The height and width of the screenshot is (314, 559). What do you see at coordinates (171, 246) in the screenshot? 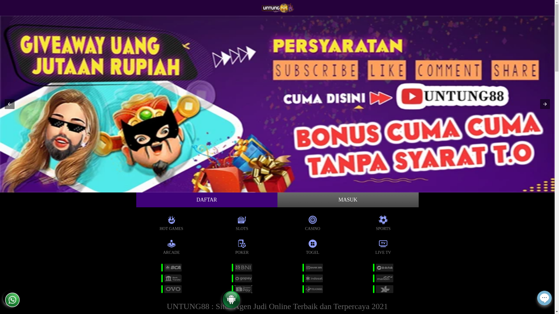
I see `'ARCADE'` at bounding box center [171, 246].